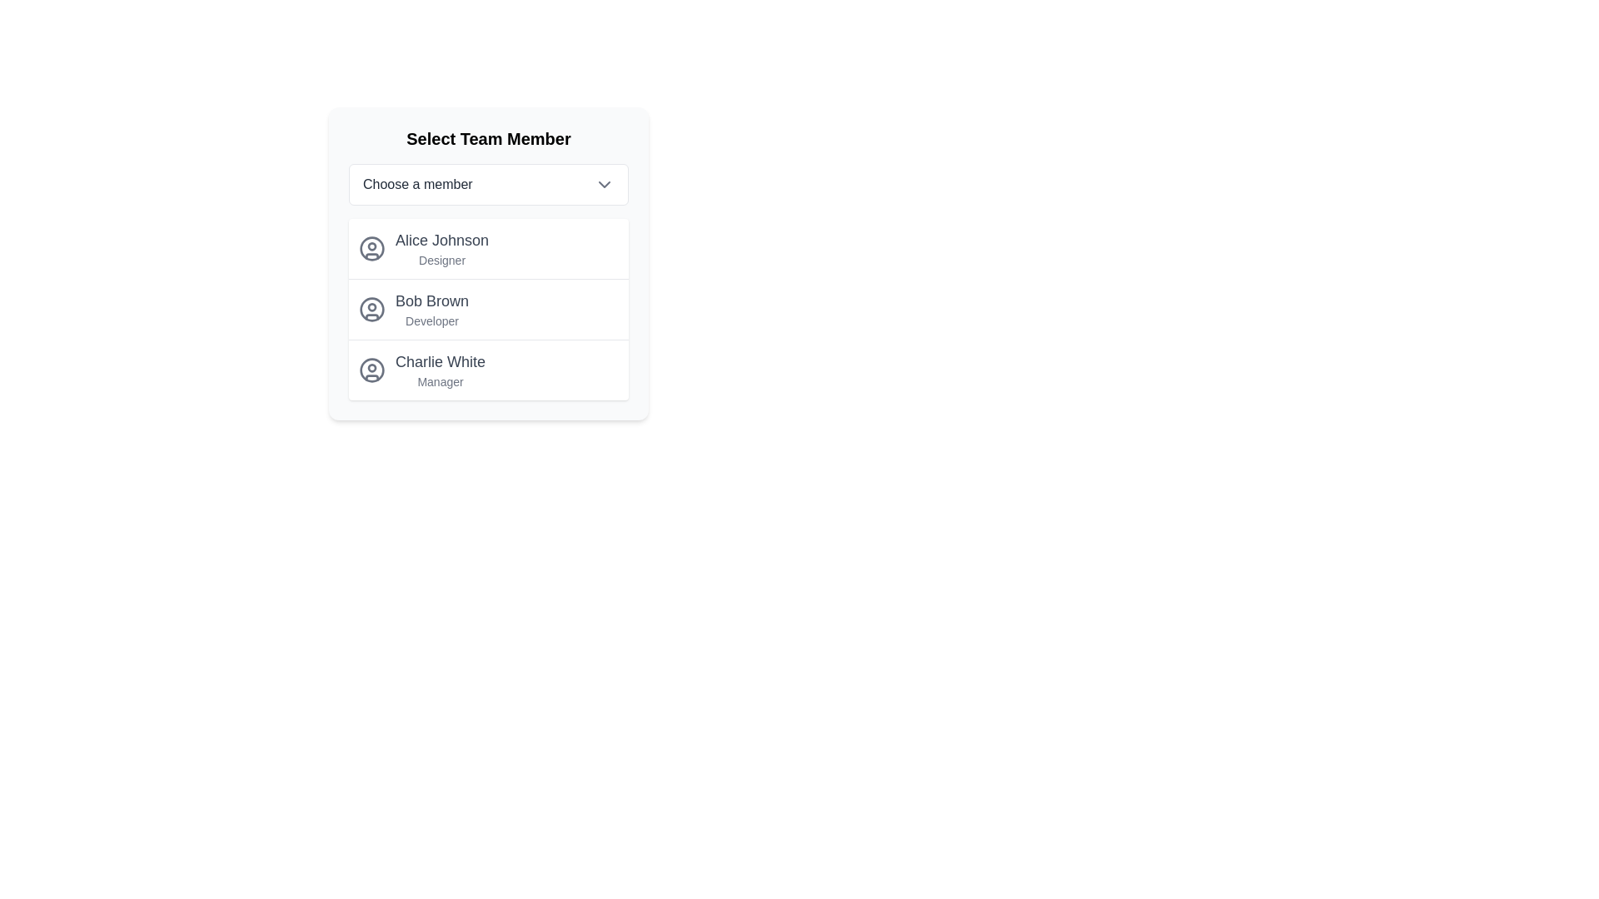 The height and width of the screenshot is (899, 1599). Describe the element at coordinates (442, 249) in the screenshot. I see `the first list item that represents 'Alice Johnson, Designer'` at that location.